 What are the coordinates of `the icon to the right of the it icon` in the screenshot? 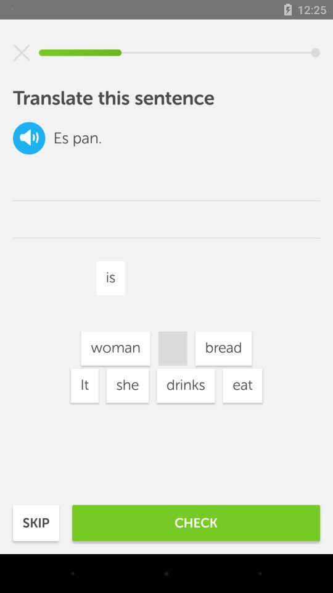 It's located at (126, 385).